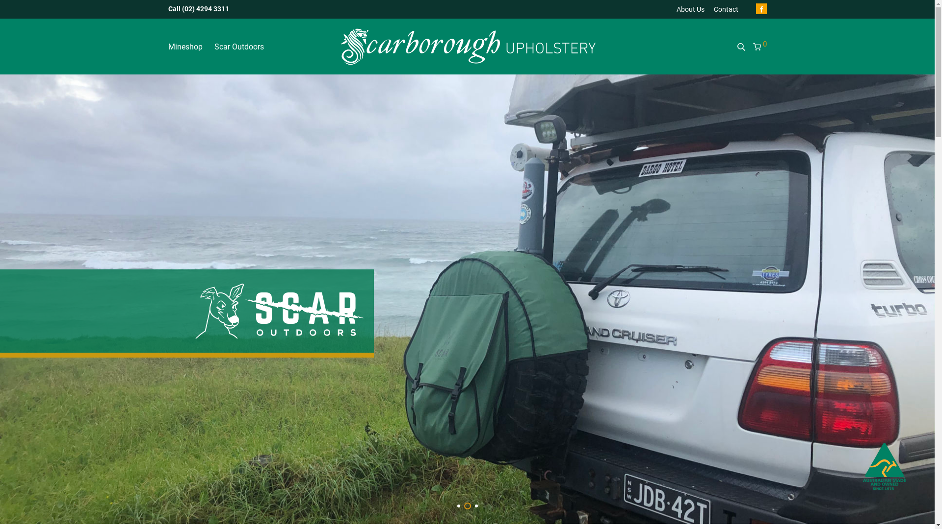 Image resolution: width=942 pixels, height=529 pixels. What do you see at coordinates (466, 506) in the screenshot?
I see `'2'` at bounding box center [466, 506].